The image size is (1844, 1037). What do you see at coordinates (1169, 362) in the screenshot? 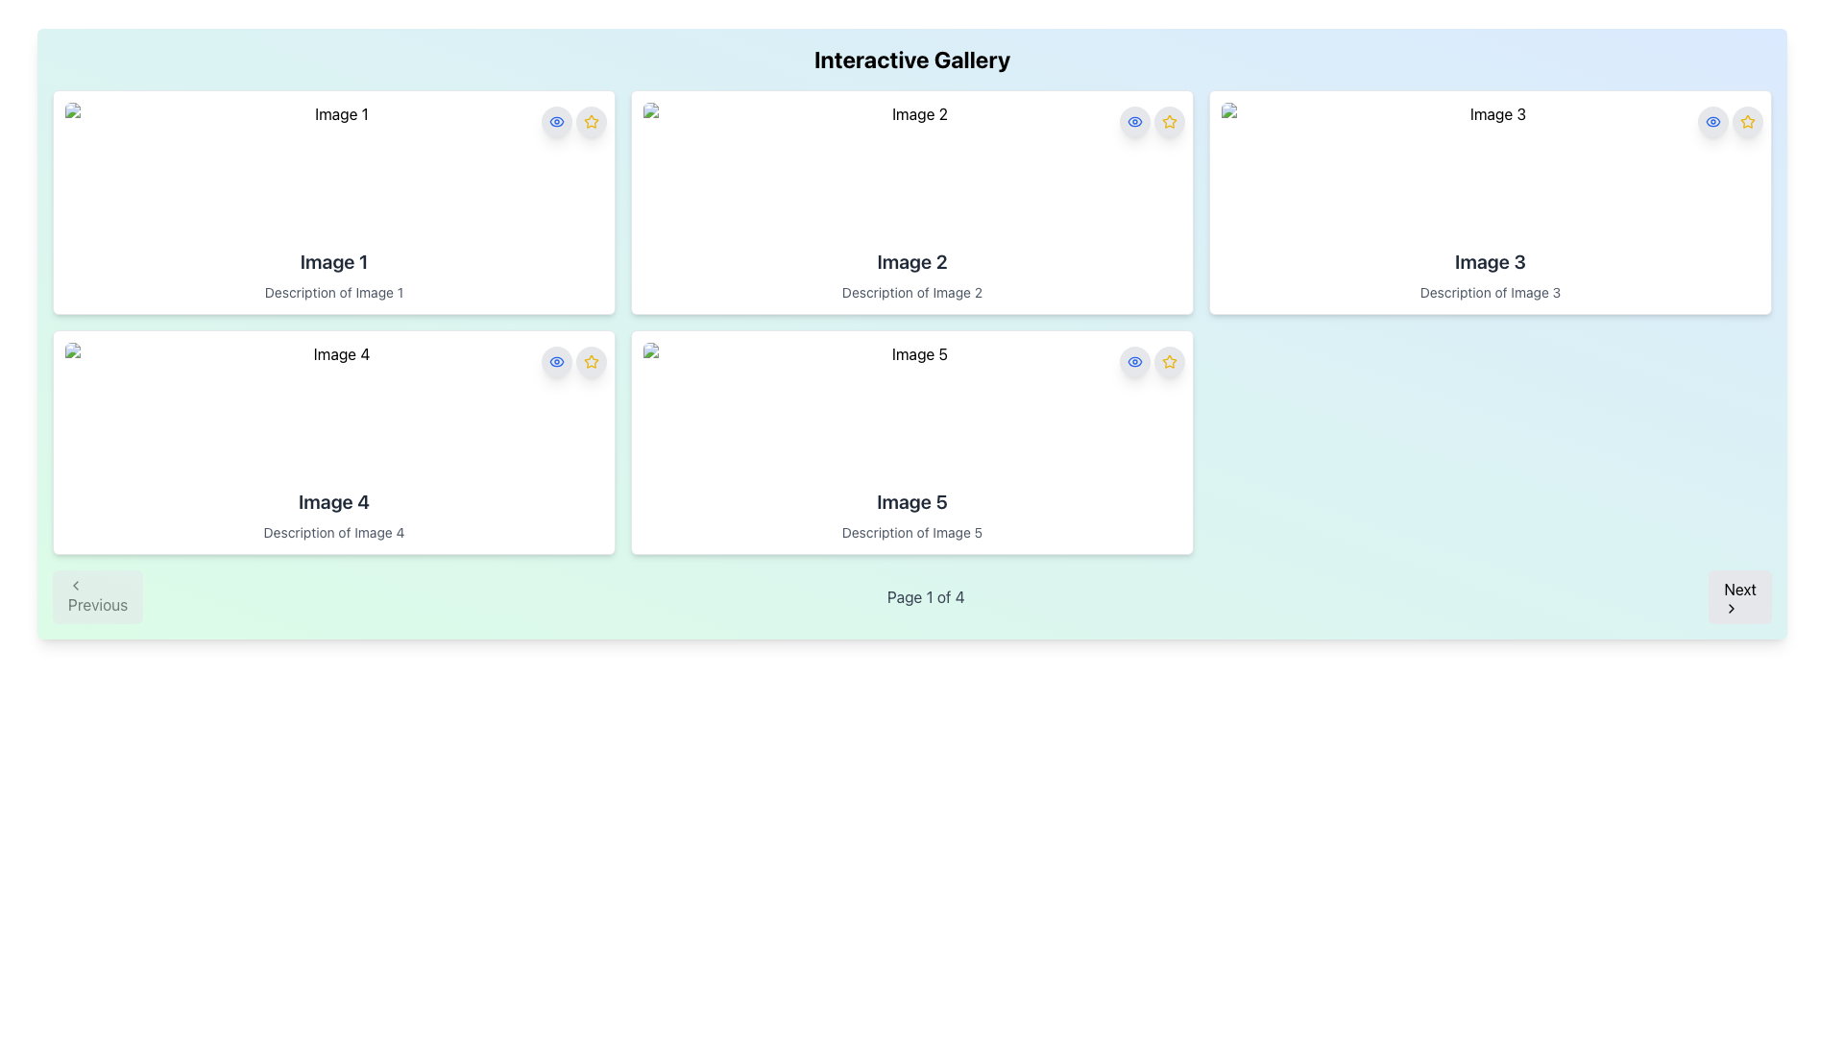
I see `the star button located in the top-right corner of the card labeled 'Image 5'` at bounding box center [1169, 362].